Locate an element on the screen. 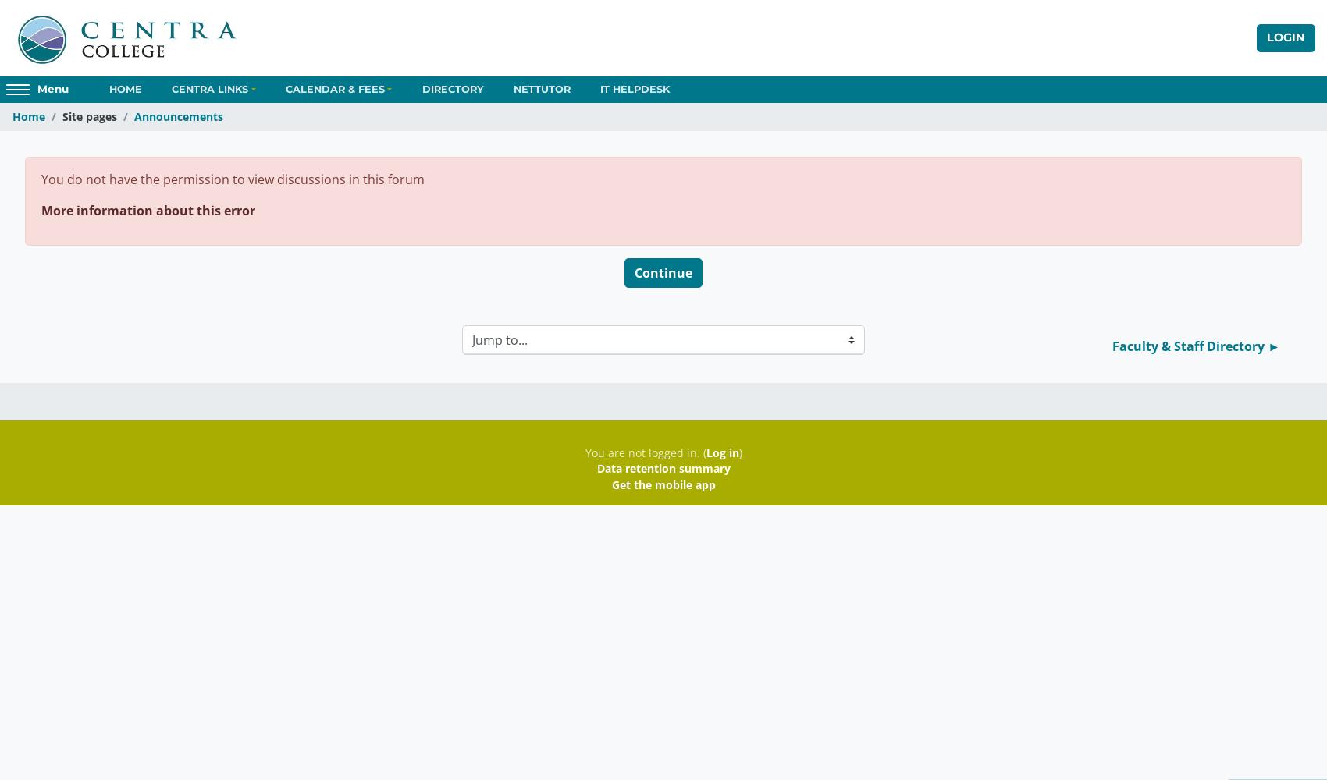 The height and width of the screenshot is (780, 1327). 'Get the mobile app' is located at coordinates (610, 483).